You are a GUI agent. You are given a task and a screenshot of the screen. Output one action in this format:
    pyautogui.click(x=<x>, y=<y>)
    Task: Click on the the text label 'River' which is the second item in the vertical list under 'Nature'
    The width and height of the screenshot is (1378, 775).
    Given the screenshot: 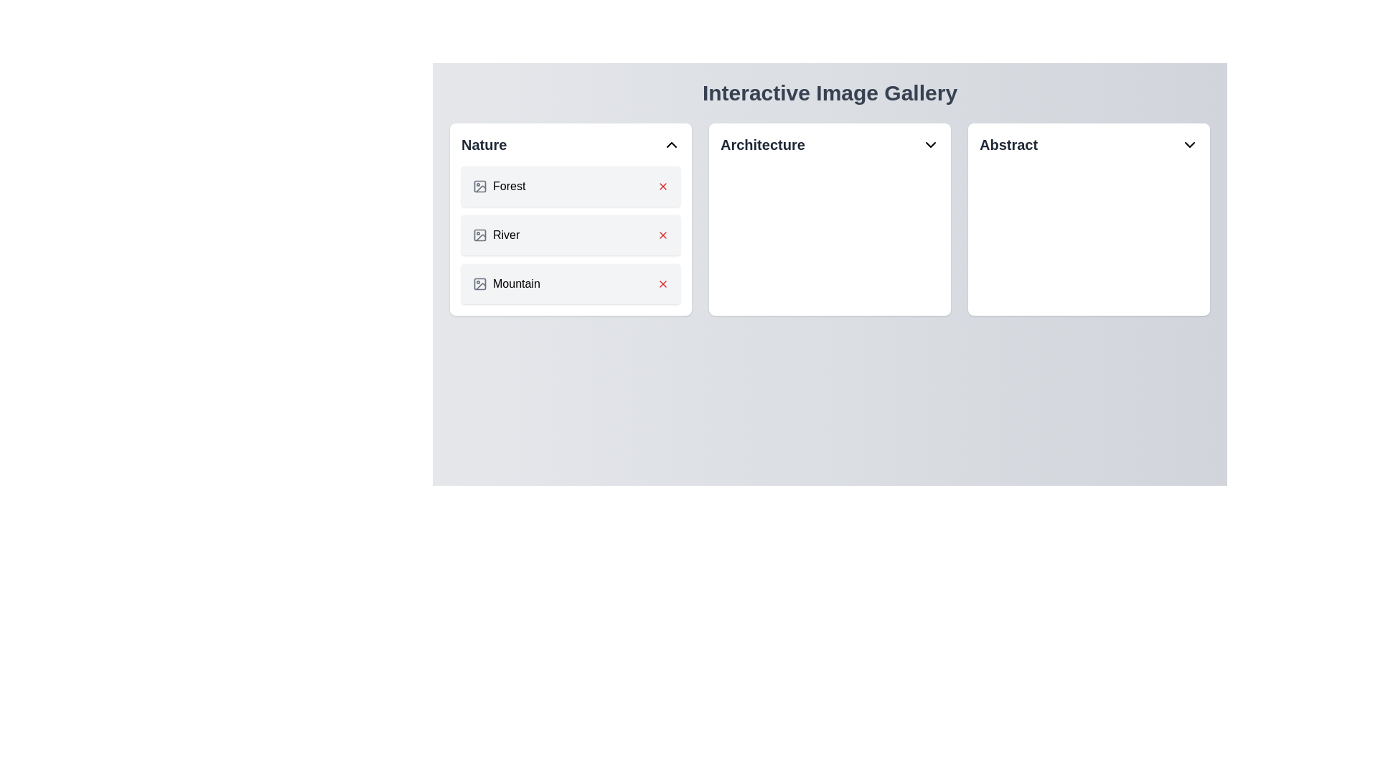 What is the action you would take?
    pyautogui.click(x=506, y=234)
    